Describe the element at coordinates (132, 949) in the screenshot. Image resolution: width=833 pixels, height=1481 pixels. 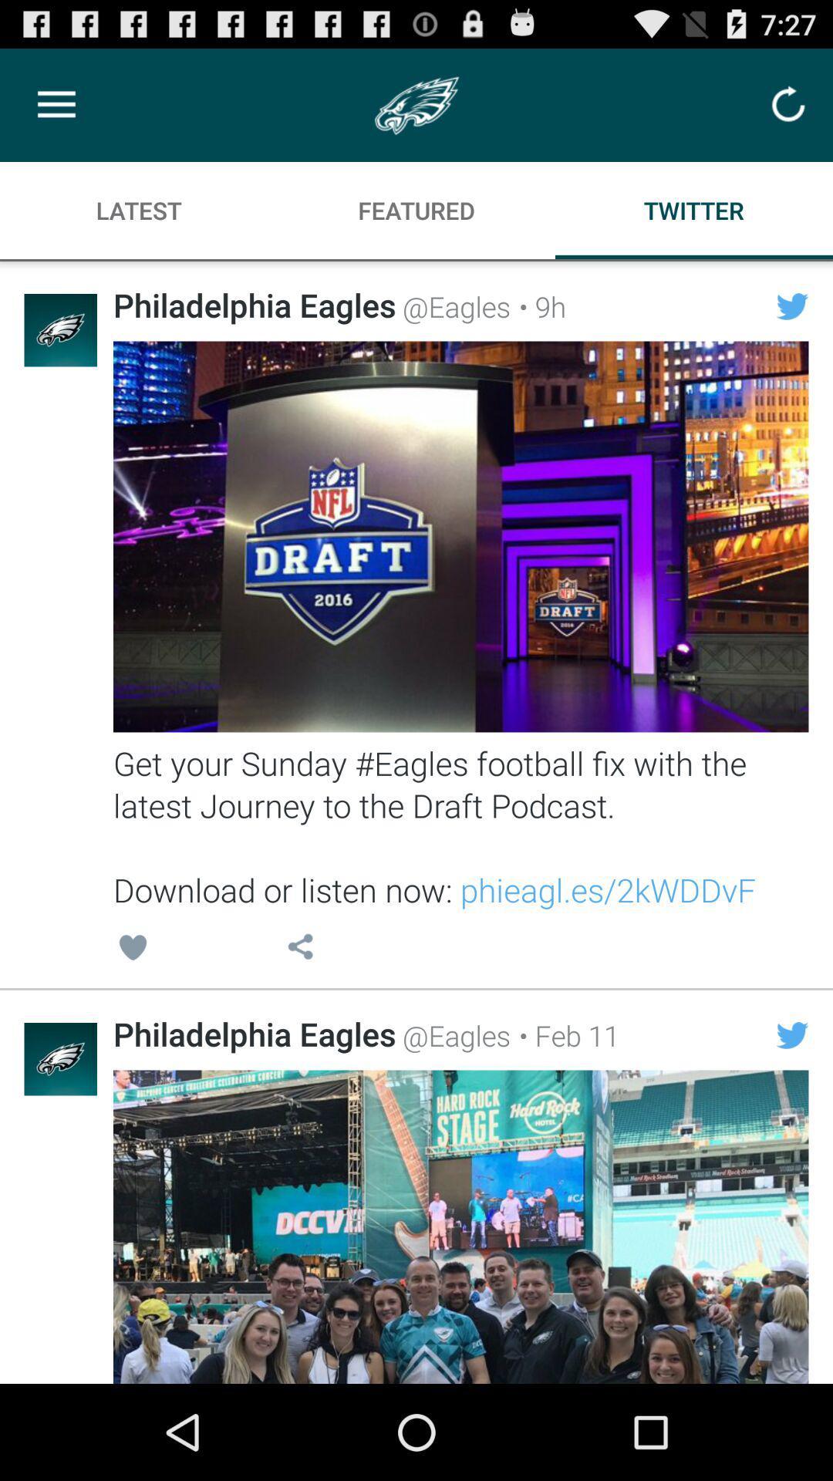
I see `icon below get your sunday item` at that location.